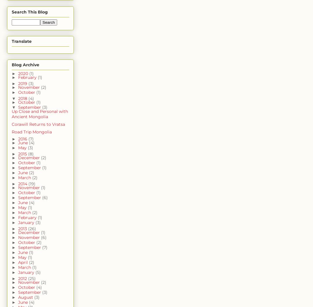 The width and height of the screenshot is (313, 307). Describe the element at coordinates (17, 184) in the screenshot. I see `'2014'` at that location.